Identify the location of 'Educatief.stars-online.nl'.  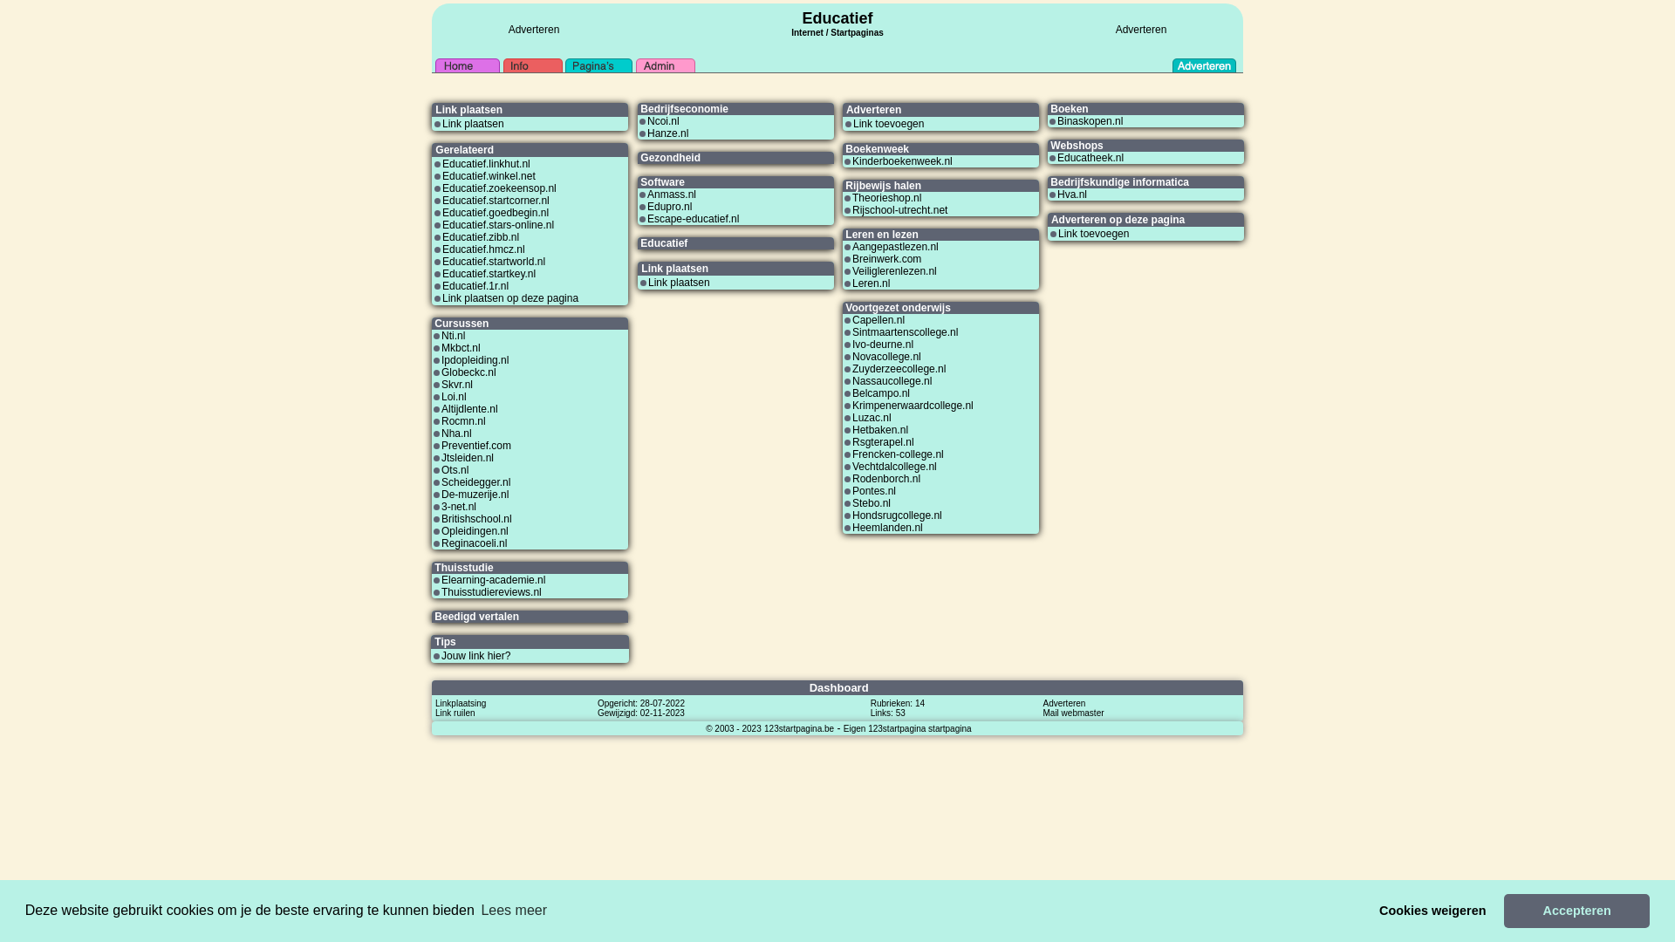
(497, 224).